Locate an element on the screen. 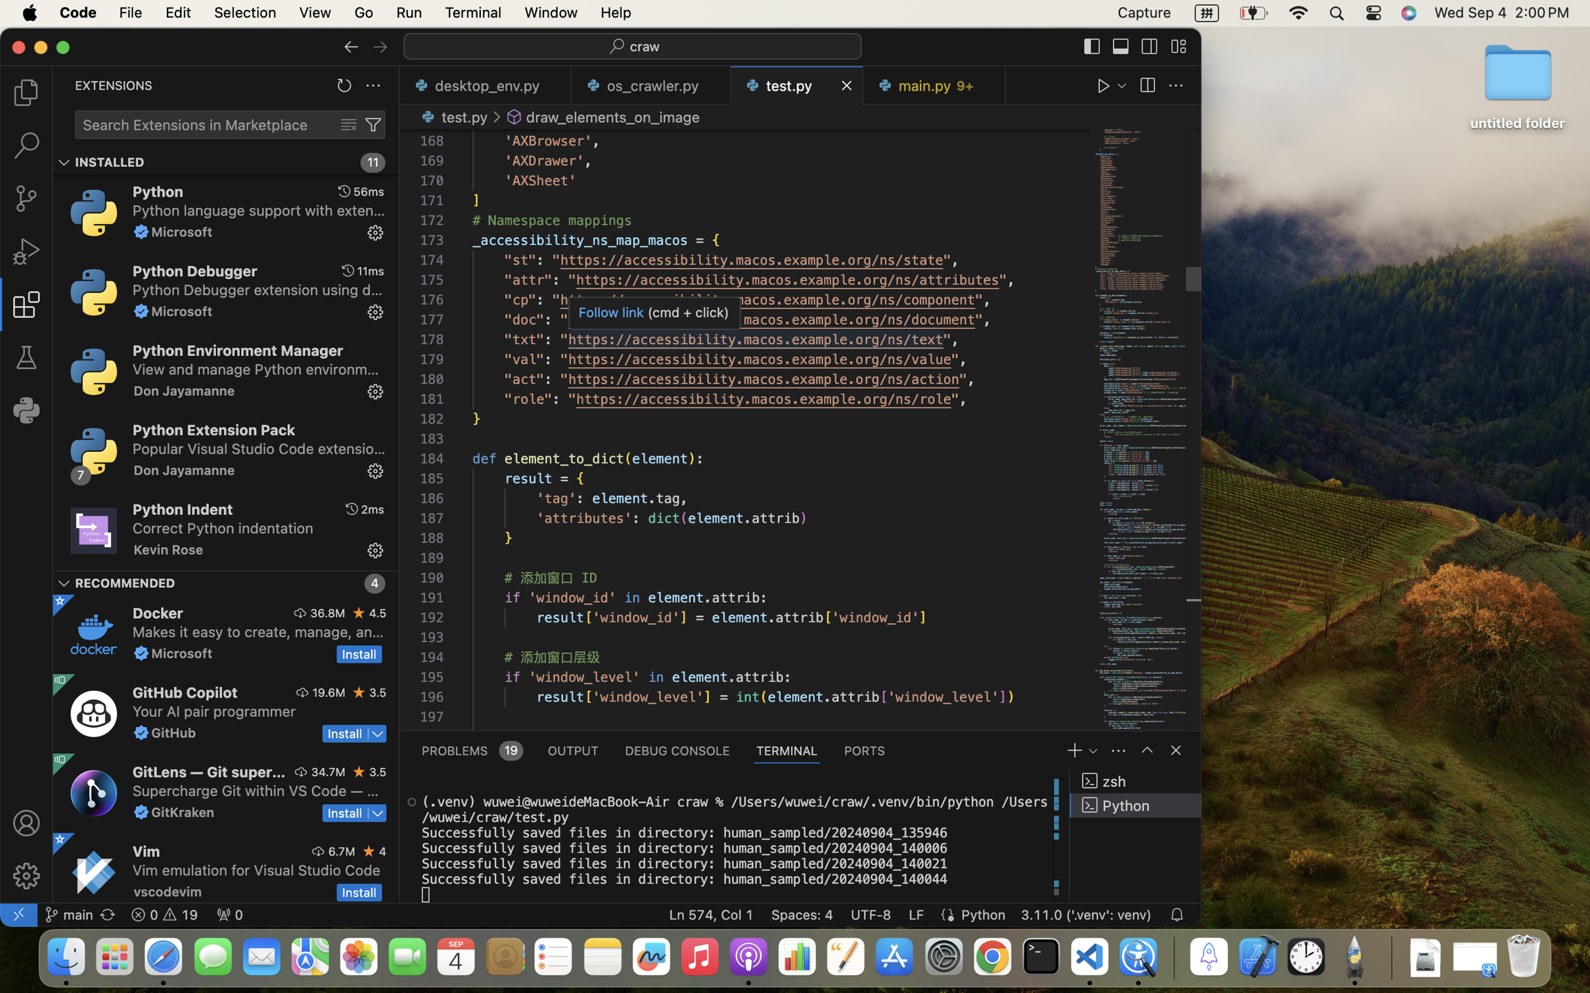 This screenshot has height=993, width=1590. '' is located at coordinates (26, 357).